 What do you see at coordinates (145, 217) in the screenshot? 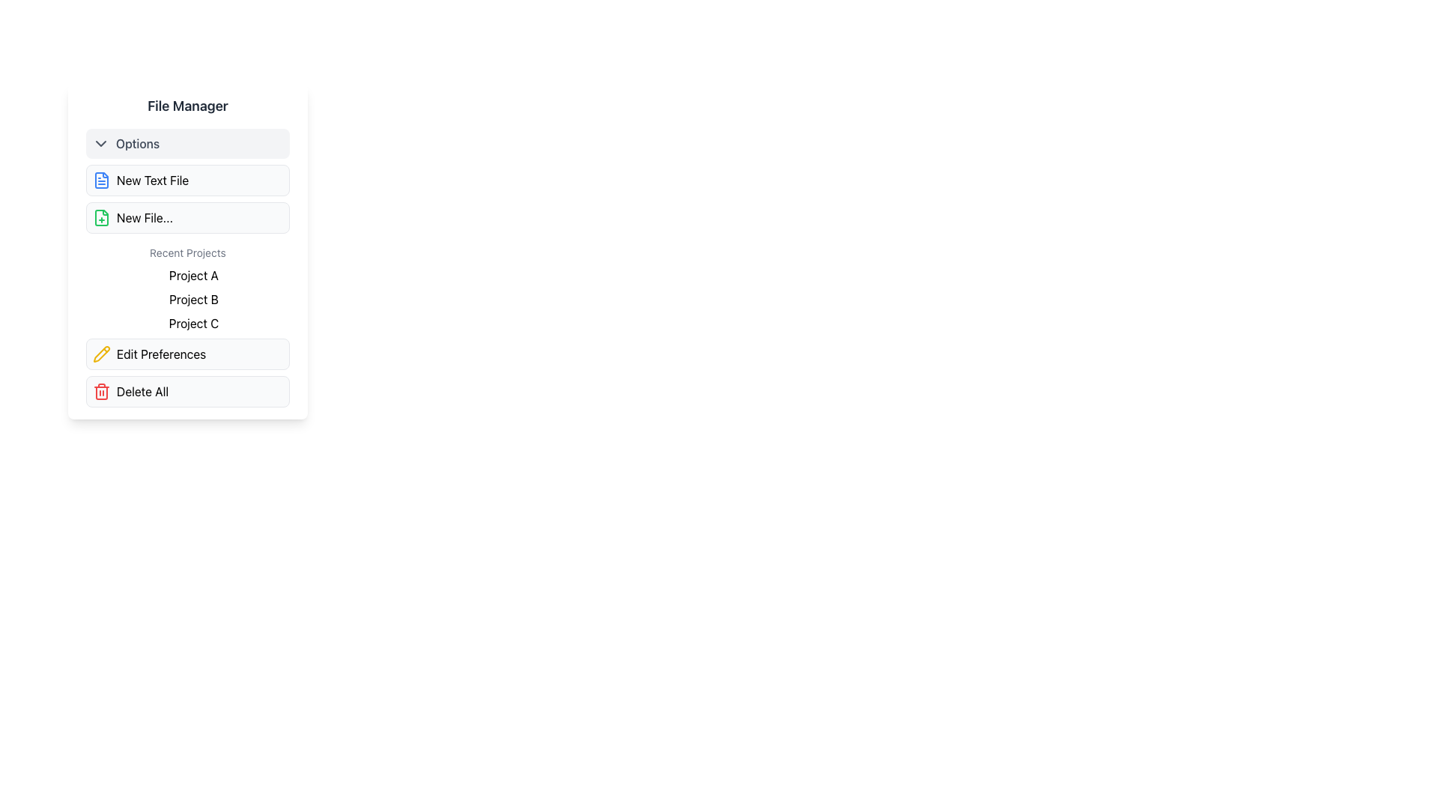
I see `the text label reading 'New File...'` at bounding box center [145, 217].